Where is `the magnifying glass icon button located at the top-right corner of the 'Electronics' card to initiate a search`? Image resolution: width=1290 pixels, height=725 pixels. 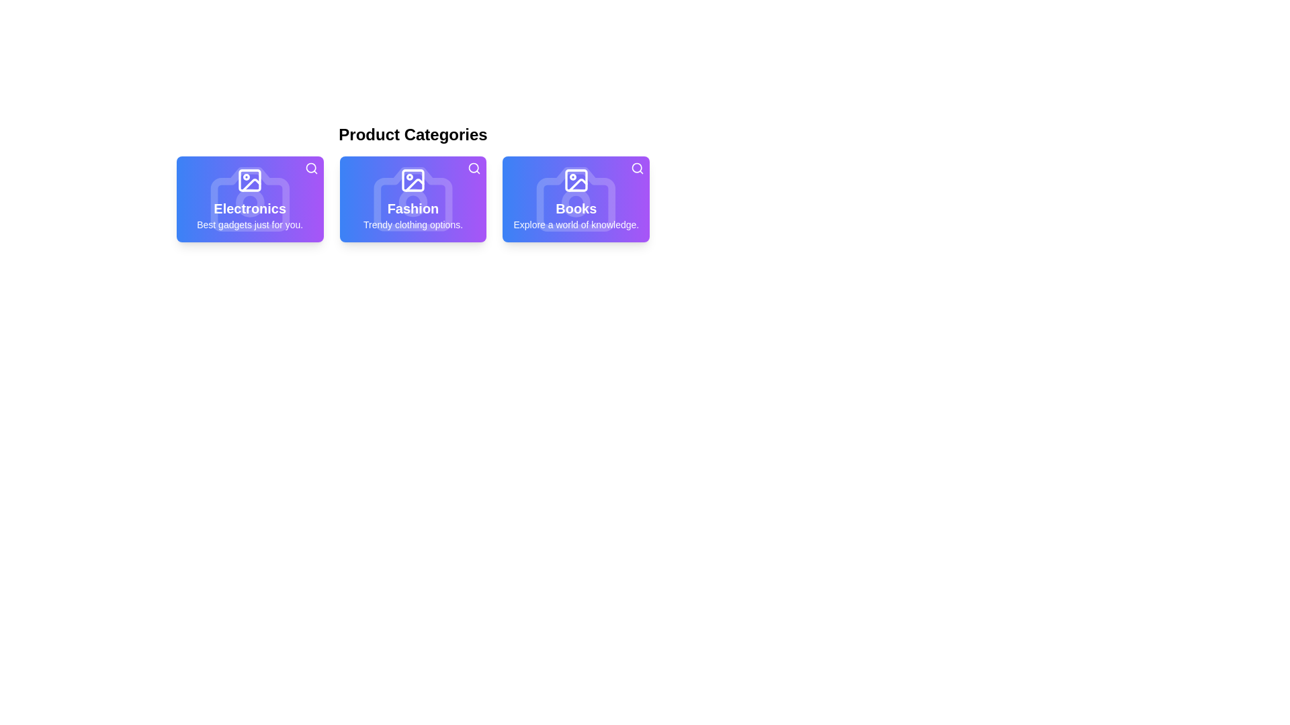
the magnifying glass icon button located at the top-right corner of the 'Electronics' card to initiate a search is located at coordinates (310, 167).